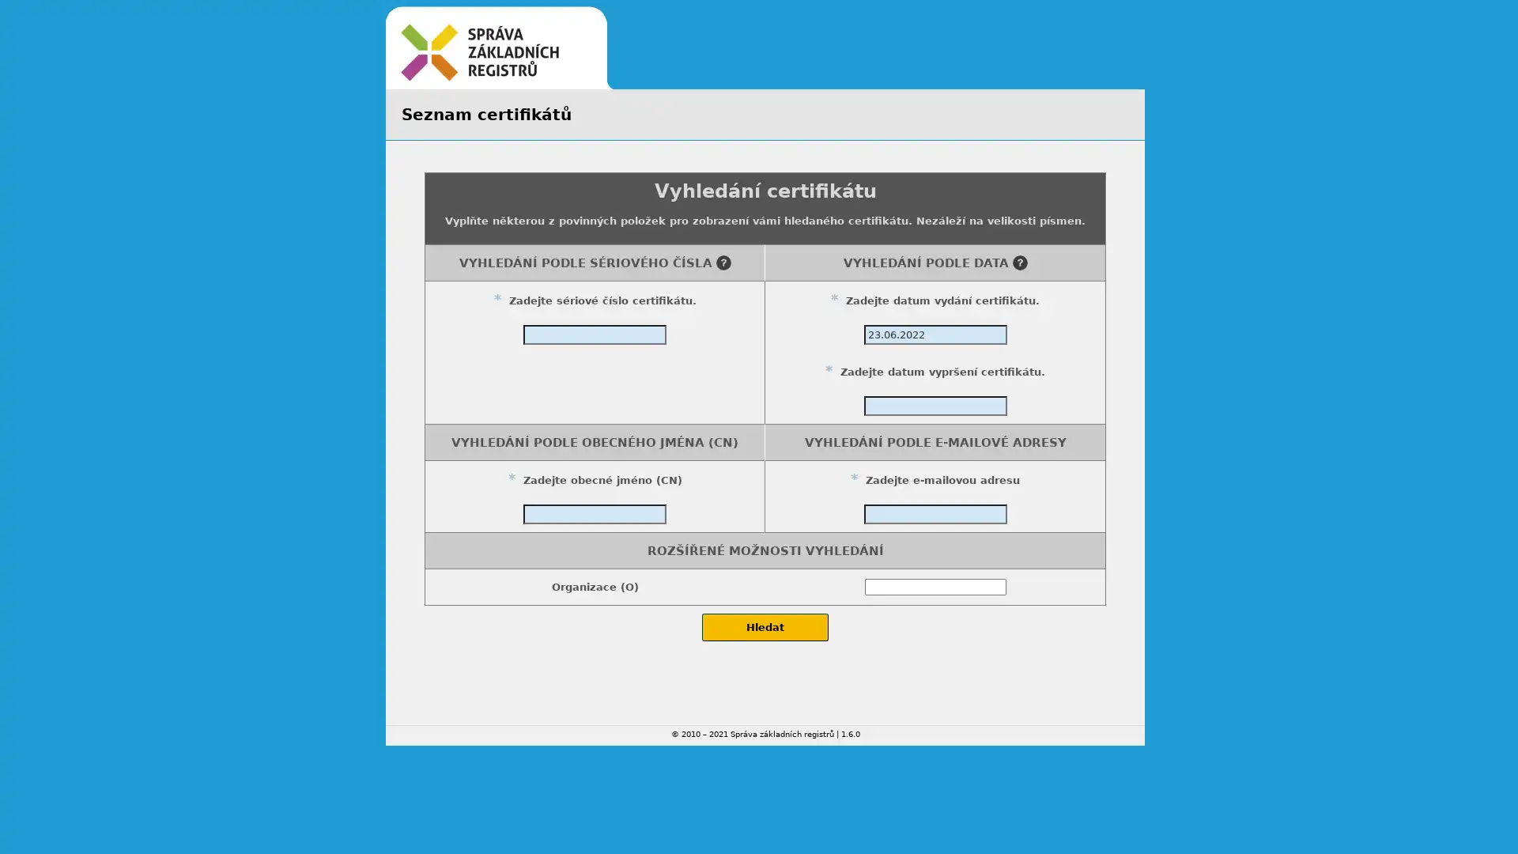 This screenshot has height=854, width=1518. Describe the element at coordinates (765, 626) in the screenshot. I see `Hledat` at that location.